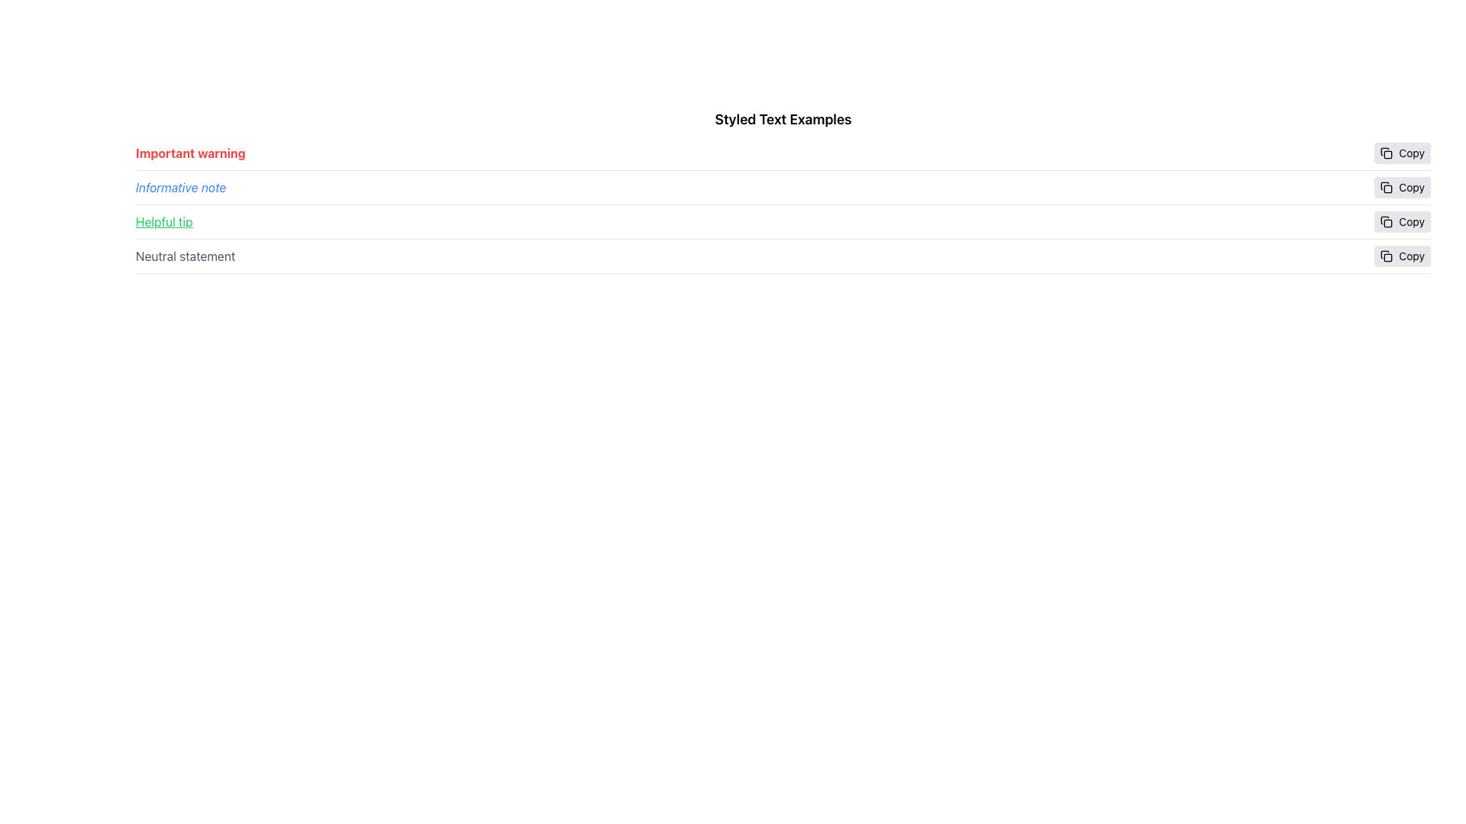  I want to click on the 'Copy' icon located to the right of the 'Important warning' text to copy the text, so click(1387, 153).